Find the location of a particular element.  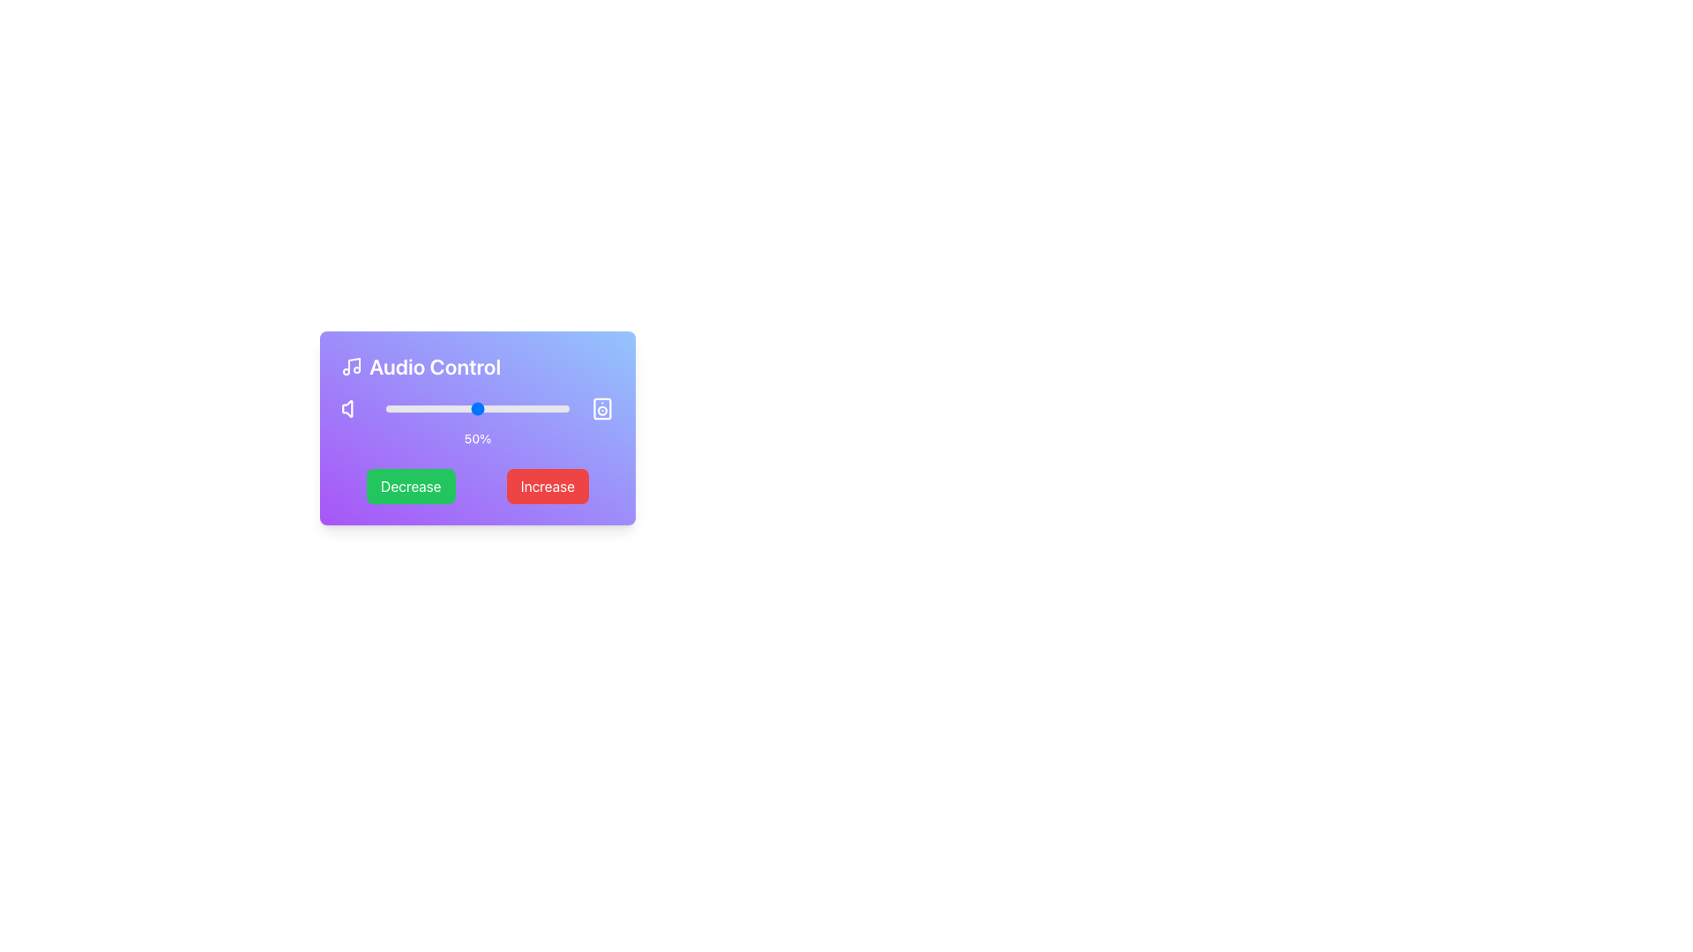

the slider is located at coordinates (503, 408).